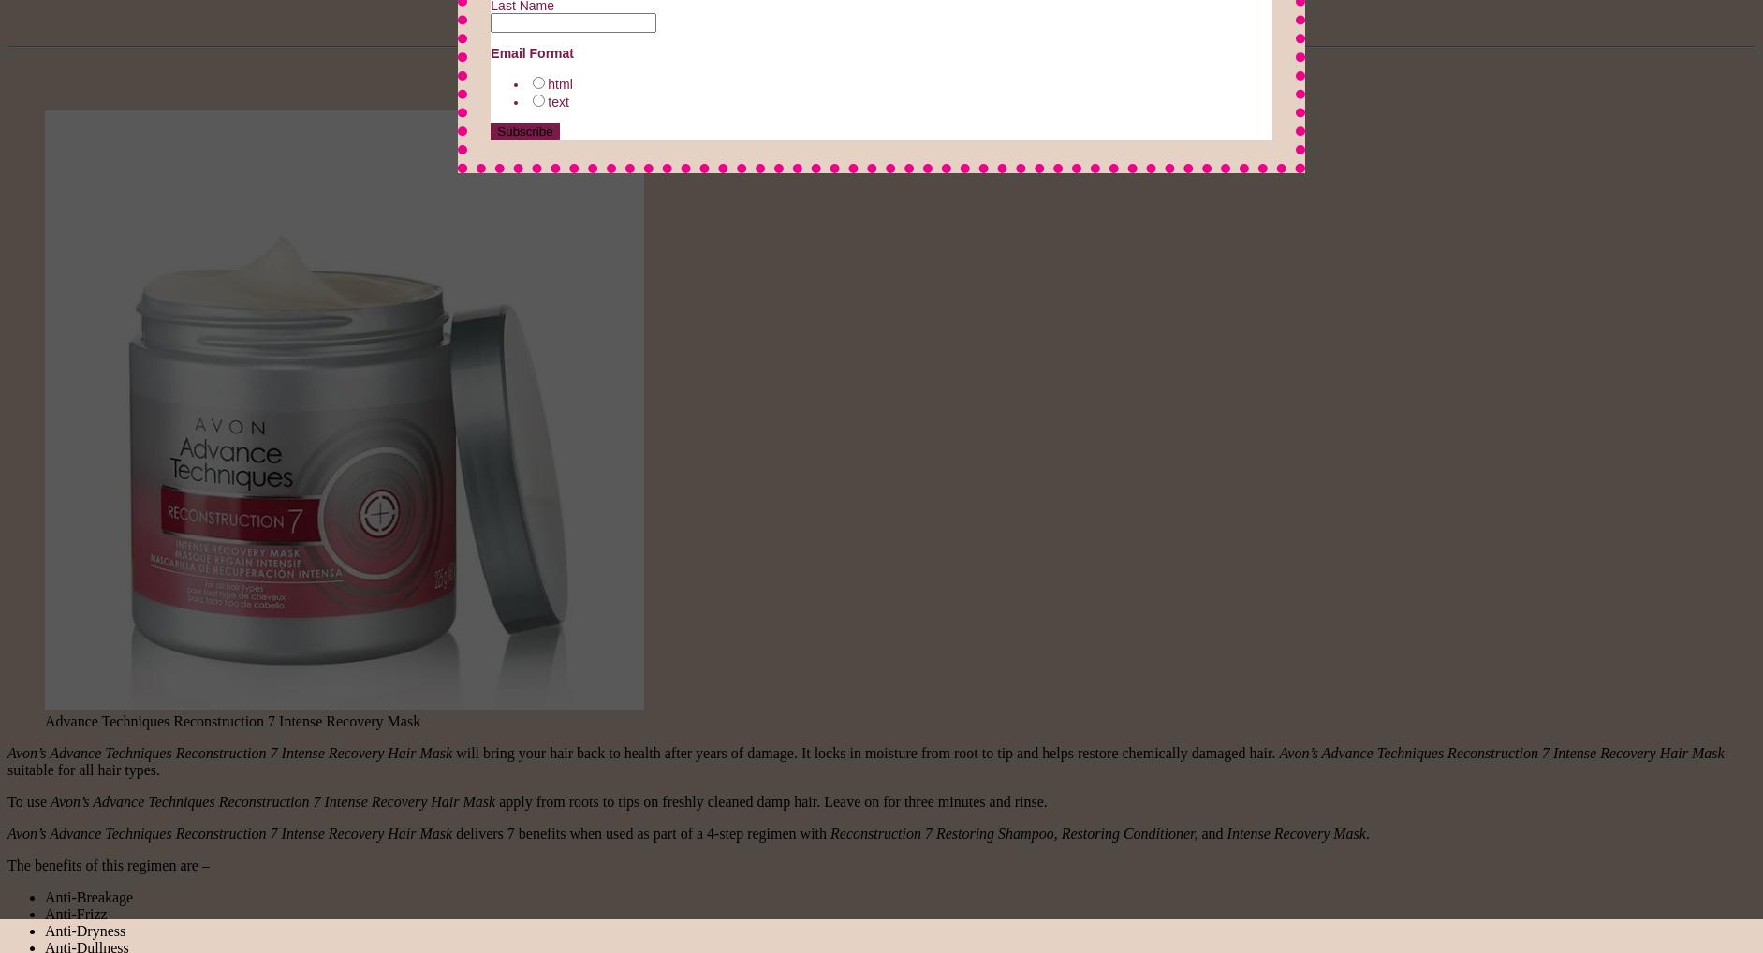 This screenshot has width=1763, height=953. What do you see at coordinates (770, 799) in the screenshot?
I see `'apply from roots to tips on freshly cleaned damp hair. Leave on for three minutes and rinse.'` at bounding box center [770, 799].